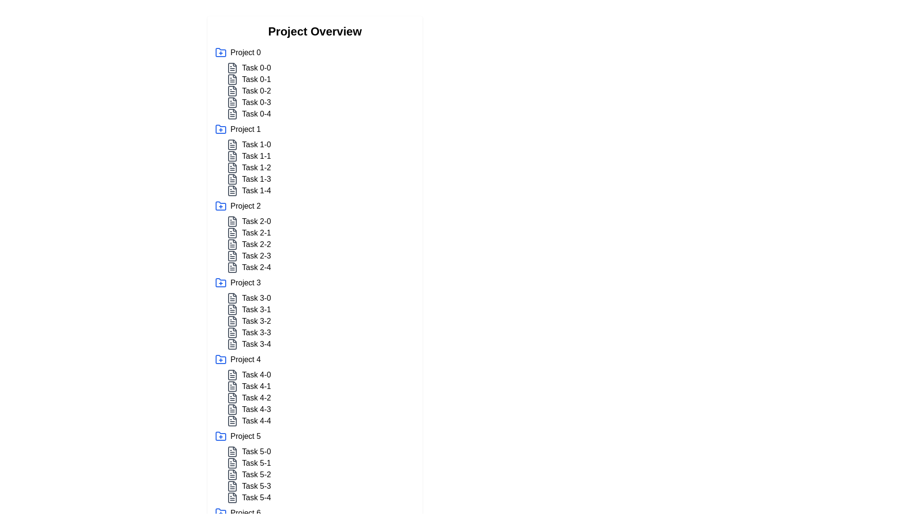  I want to click on the 'Project 5' Text Label, so click(245, 436).